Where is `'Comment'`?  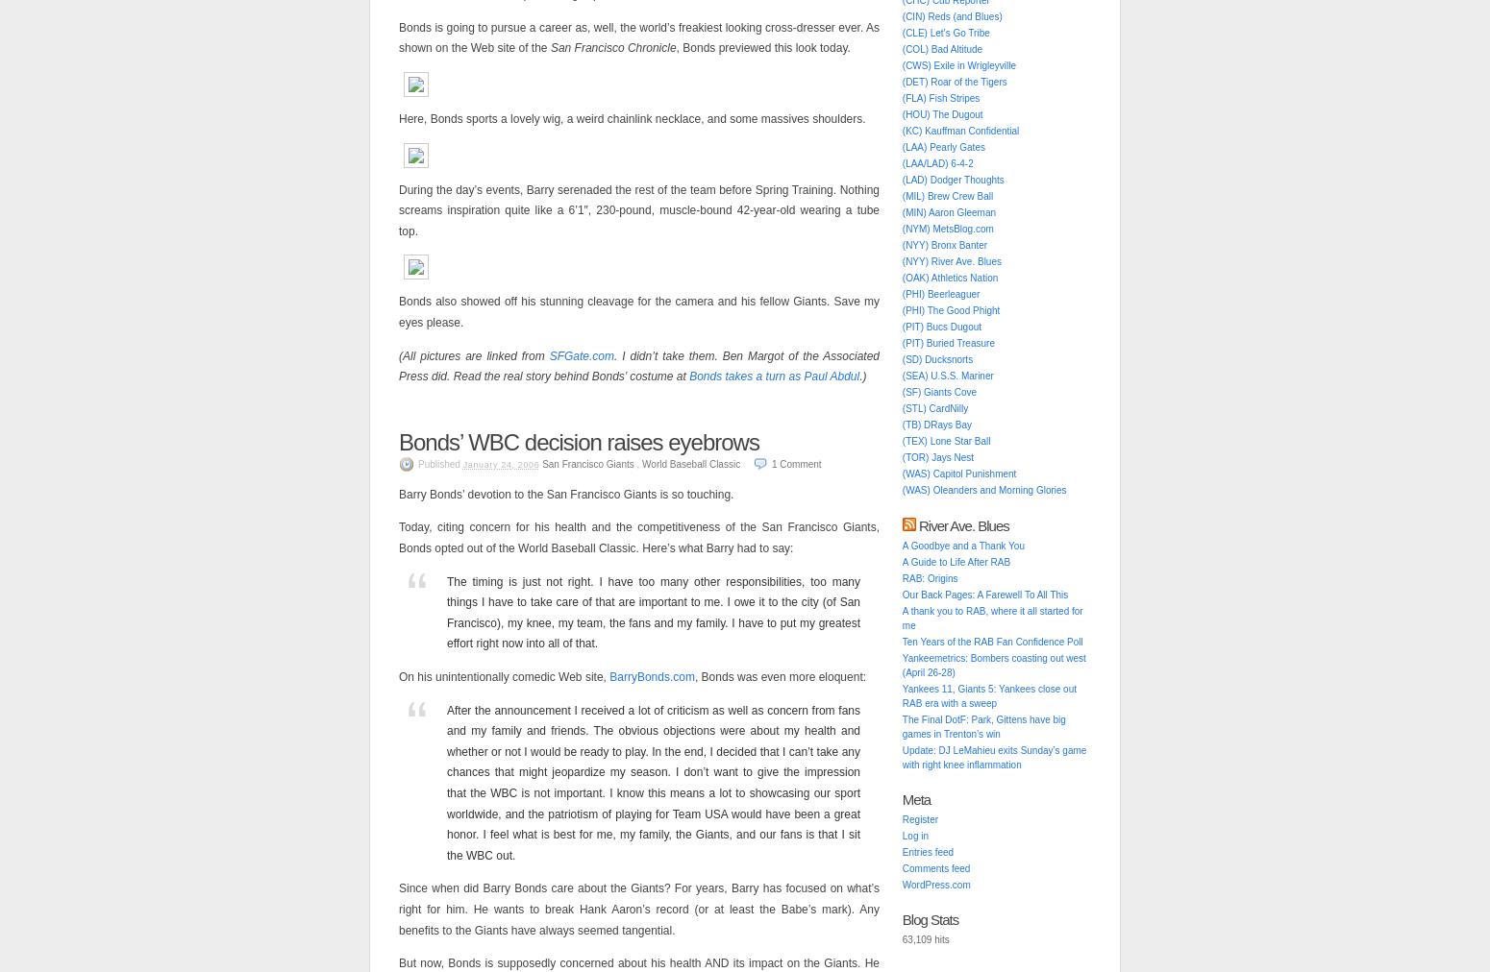
'Comment' is located at coordinates (799, 463).